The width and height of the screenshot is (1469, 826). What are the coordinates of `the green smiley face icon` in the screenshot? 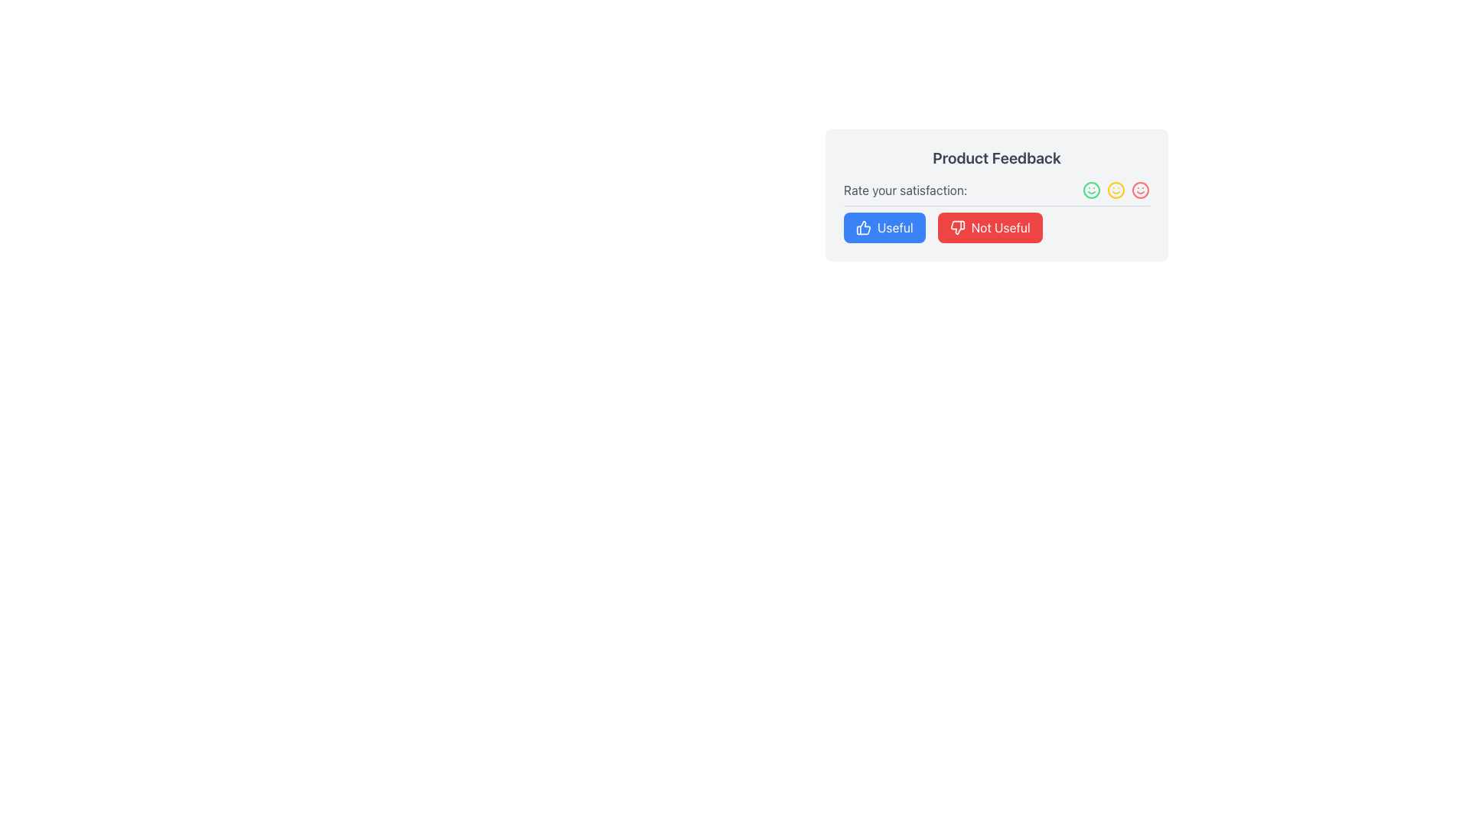 It's located at (1090, 190).